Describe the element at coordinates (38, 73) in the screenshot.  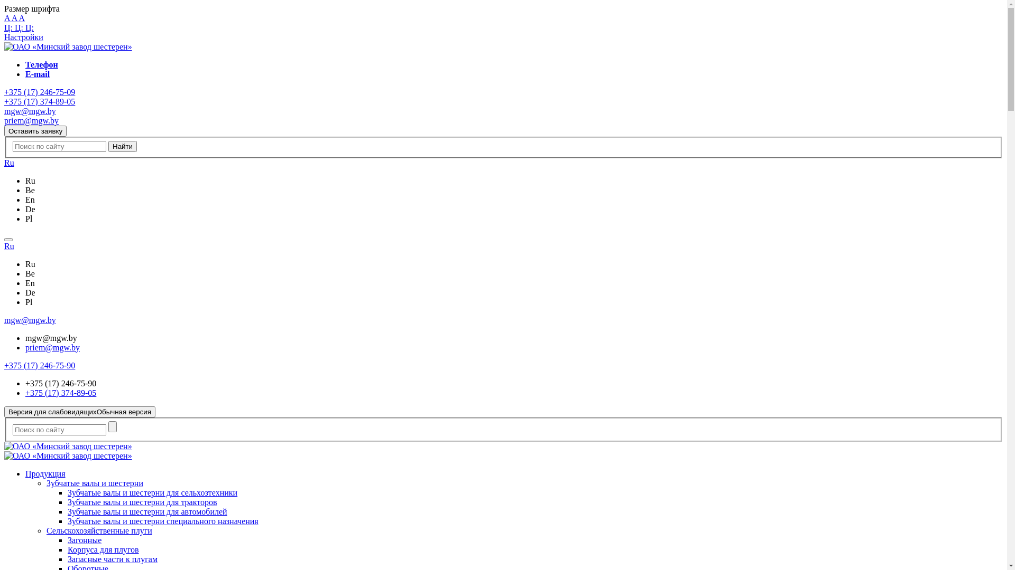
I see `'E-mail'` at that location.